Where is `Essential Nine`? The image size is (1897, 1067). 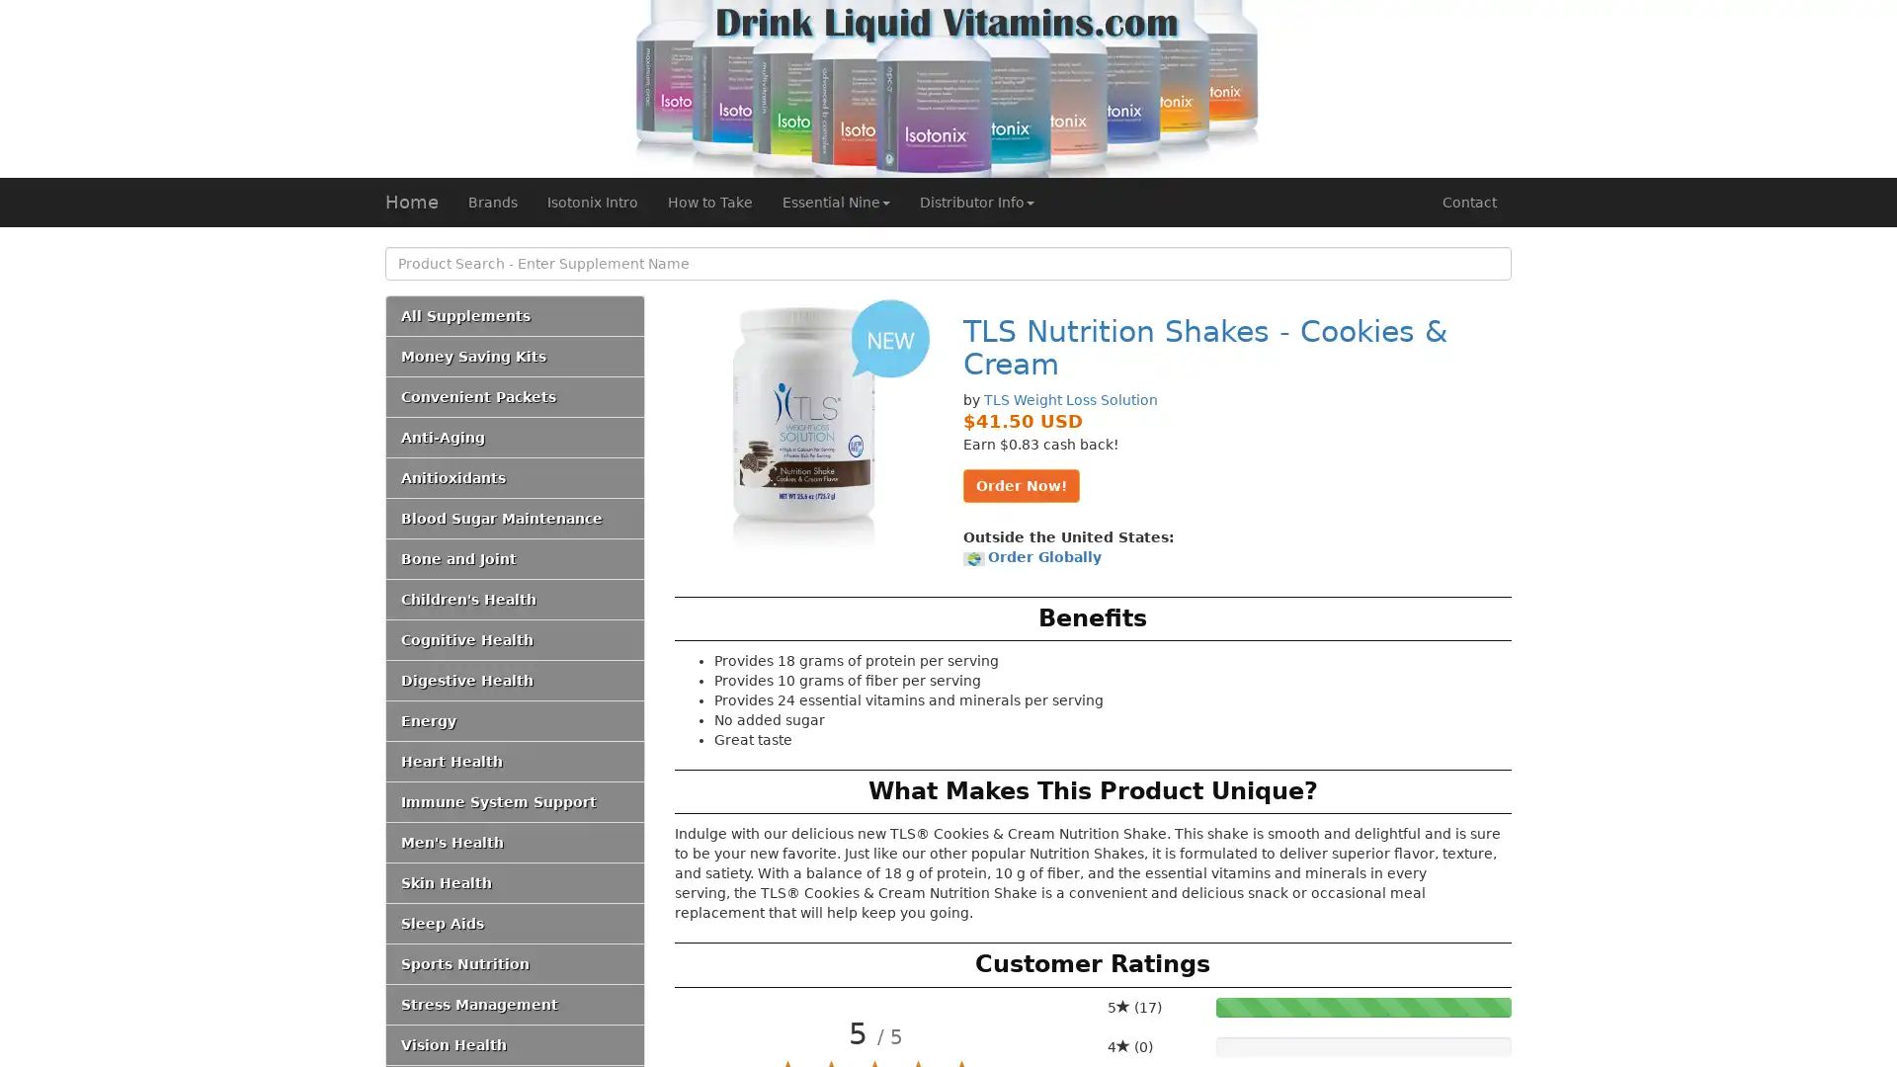
Essential Nine is located at coordinates (836, 202).